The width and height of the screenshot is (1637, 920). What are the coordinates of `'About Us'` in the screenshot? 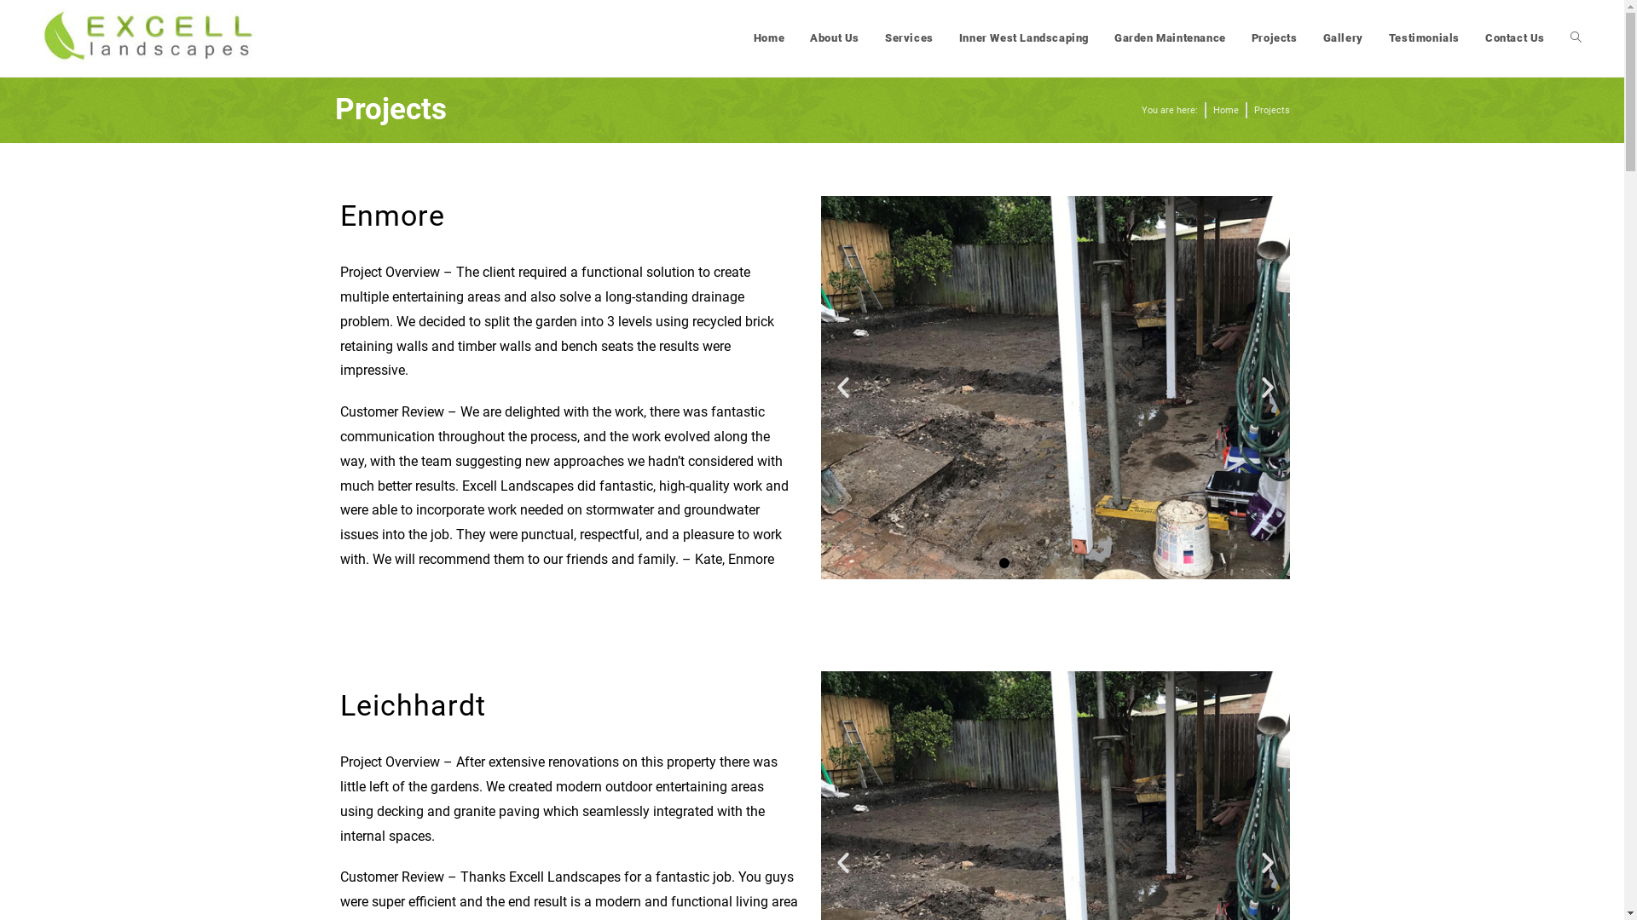 It's located at (835, 38).